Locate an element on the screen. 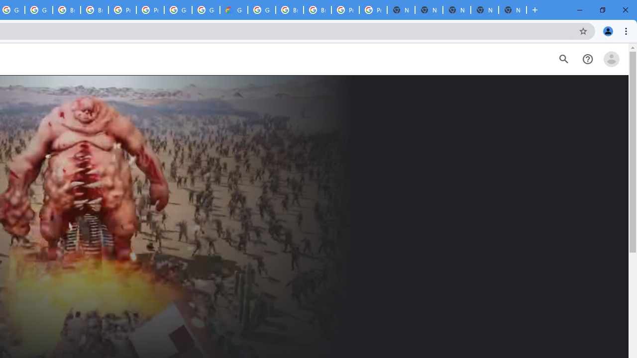  'Help Center' is located at coordinates (587, 59).